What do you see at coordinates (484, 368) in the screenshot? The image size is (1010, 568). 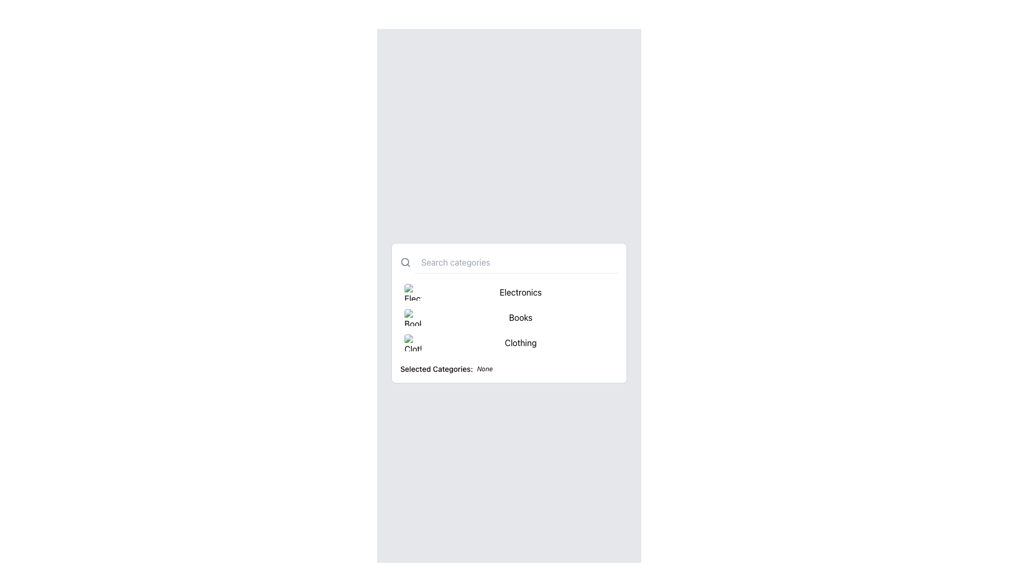 I see `the static text label displaying 'None' in italic style, located in the 'Selected Categories' section of the pop-up panel` at bounding box center [484, 368].